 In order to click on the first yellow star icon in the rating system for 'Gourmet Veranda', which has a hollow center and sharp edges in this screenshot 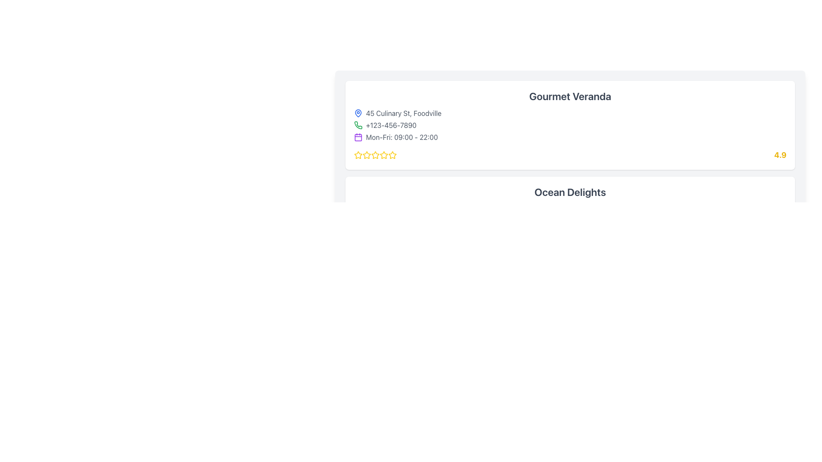, I will do `click(358, 155)`.